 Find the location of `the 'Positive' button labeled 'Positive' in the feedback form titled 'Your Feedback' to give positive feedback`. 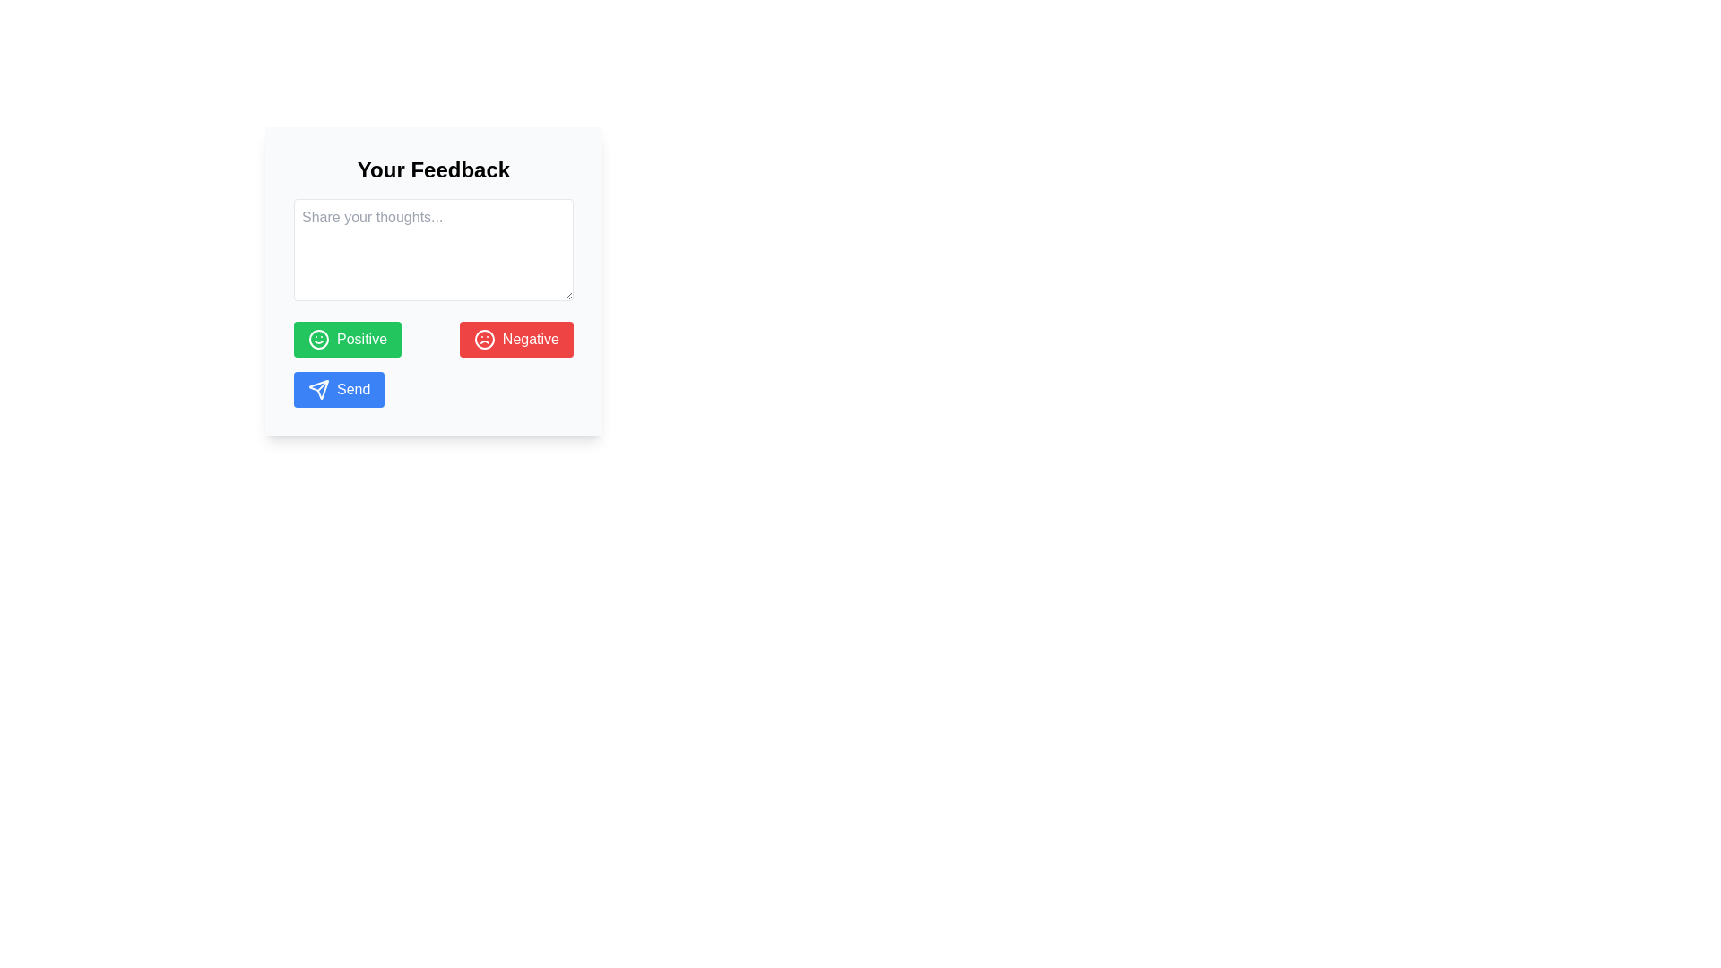

the 'Positive' button labeled 'Positive' in the feedback form titled 'Your Feedback' to give positive feedback is located at coordinates (434, 339).